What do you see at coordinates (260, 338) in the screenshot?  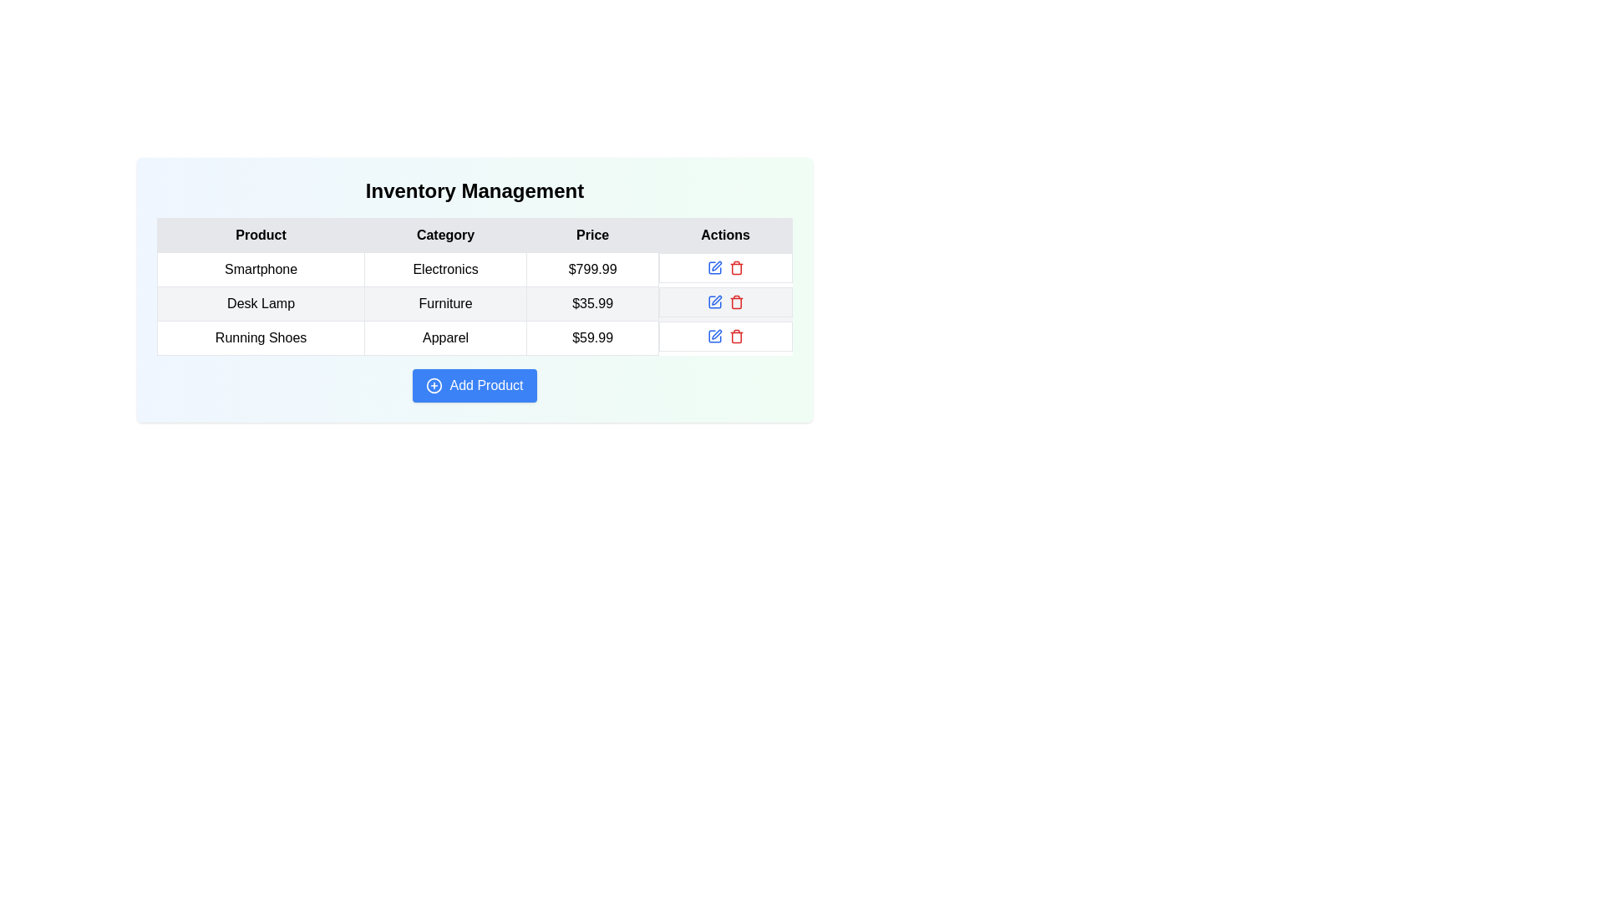 I see `text from the Text display cell containing 'Running Shoes', which is the first cell in the 'Product' column of the table` at bounding box center [260, 338].